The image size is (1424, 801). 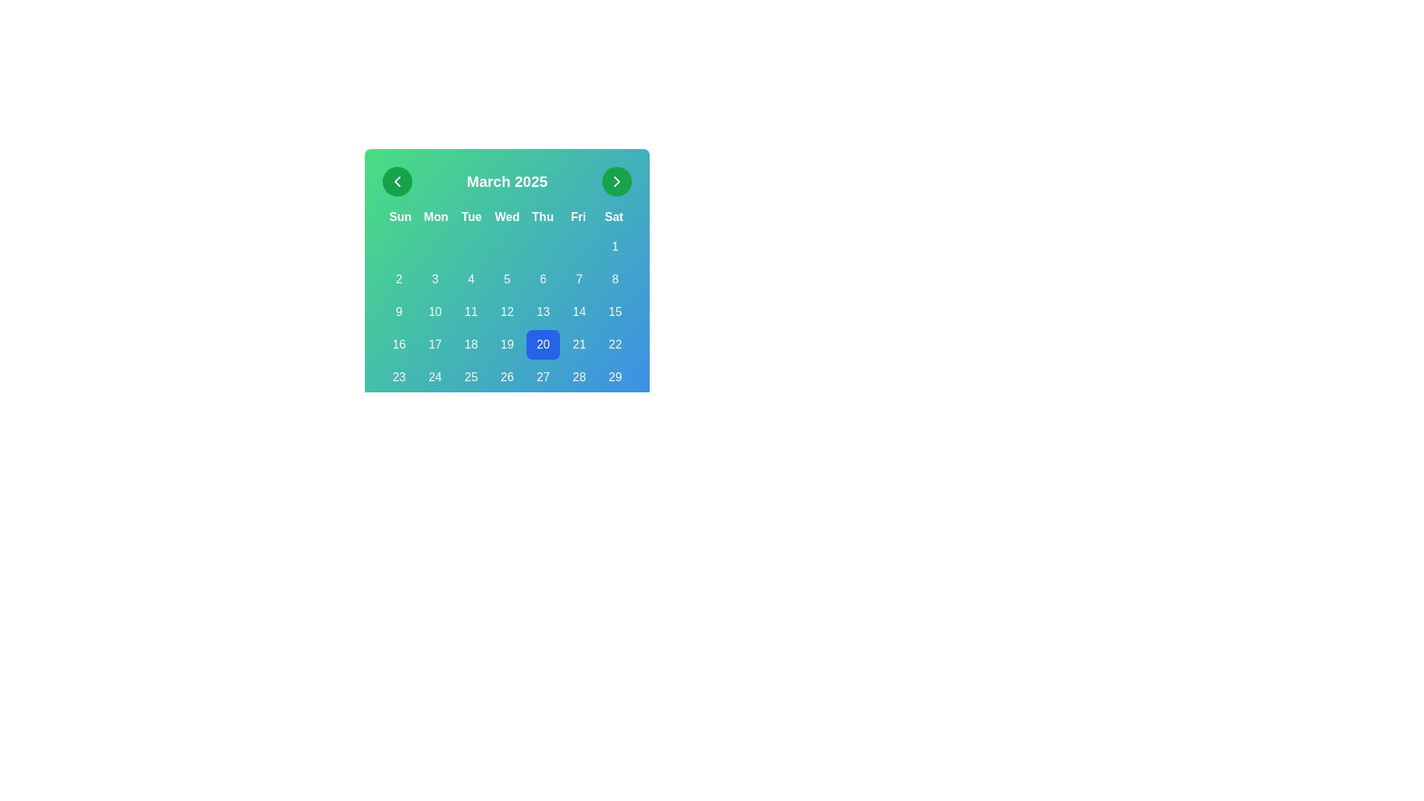 What do you see at coordinates (578, 345) in the screenshot?
I see `the interactive button representing the 21st date in the calendar grid located in the 5th row and 6th column` at bounding box center [578, 345].